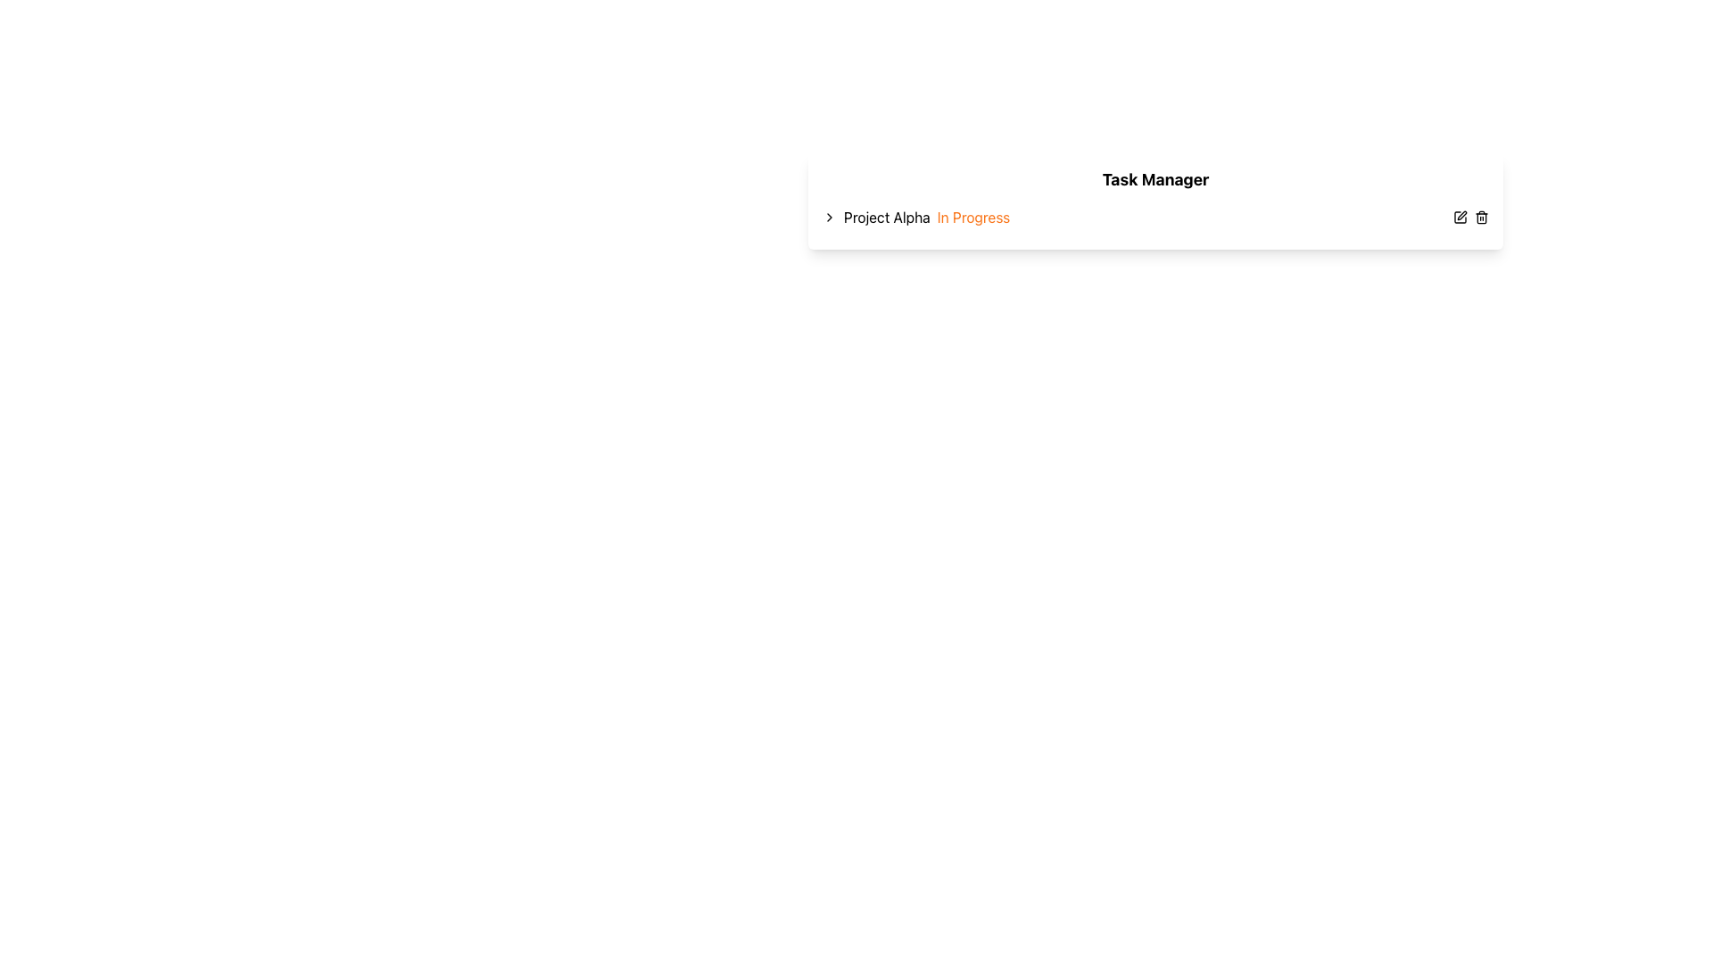  What do you see at coordinates (972, 216) in the screenshot?
I see `the Text Label indicating the current status of 'Project Alpha', which is located at the end of the project name and centered vertically within the row` at bounding box center [972, 216].